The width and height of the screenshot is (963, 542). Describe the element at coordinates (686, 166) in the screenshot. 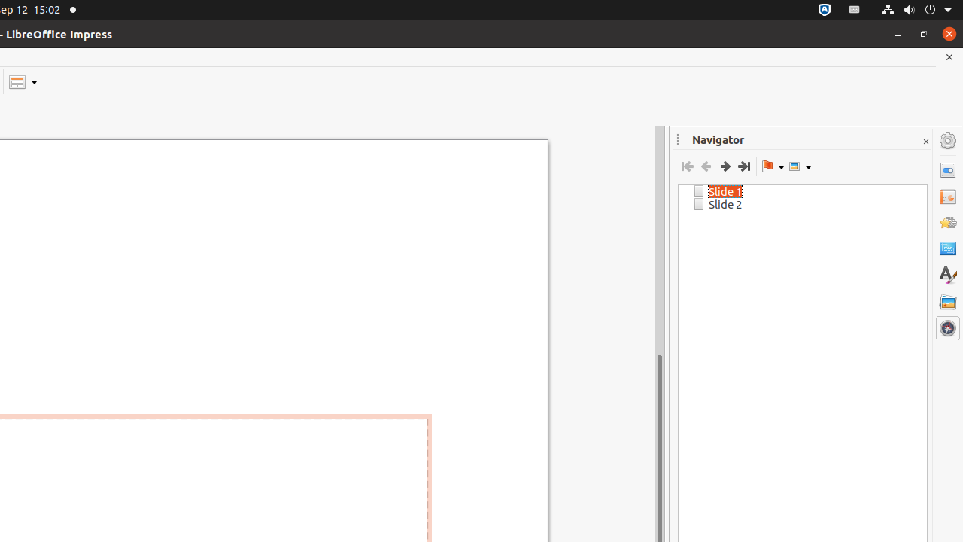

I see `'First Slide'` at that location.